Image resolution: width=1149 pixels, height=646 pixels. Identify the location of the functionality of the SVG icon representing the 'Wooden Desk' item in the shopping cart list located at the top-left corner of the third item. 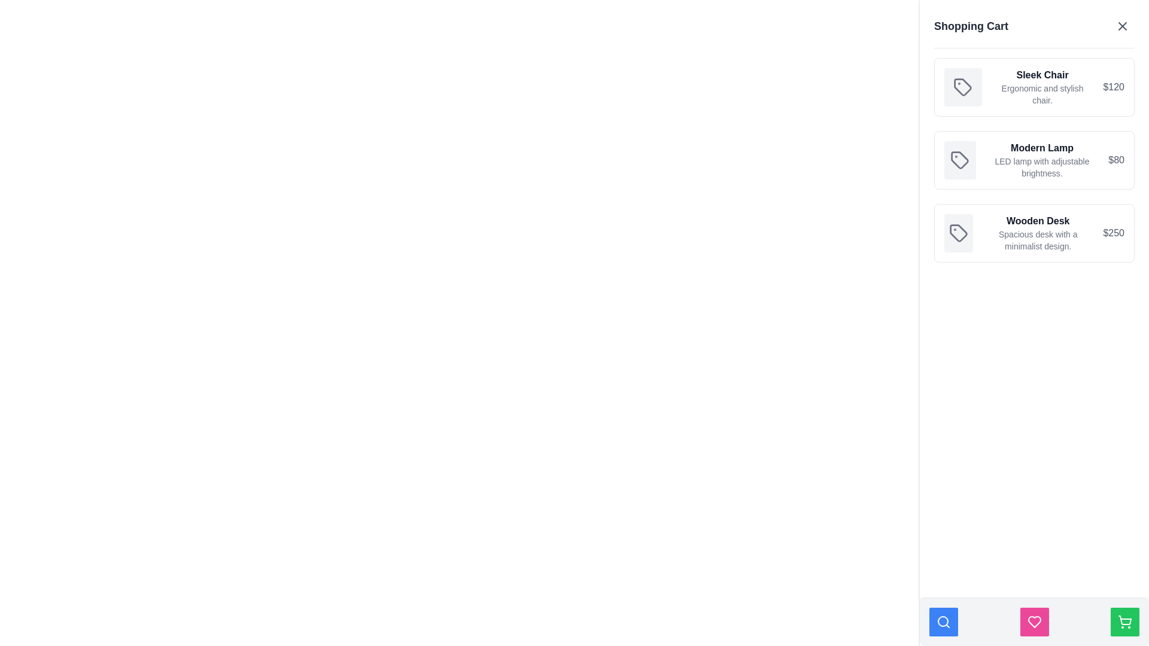
(959, 233).